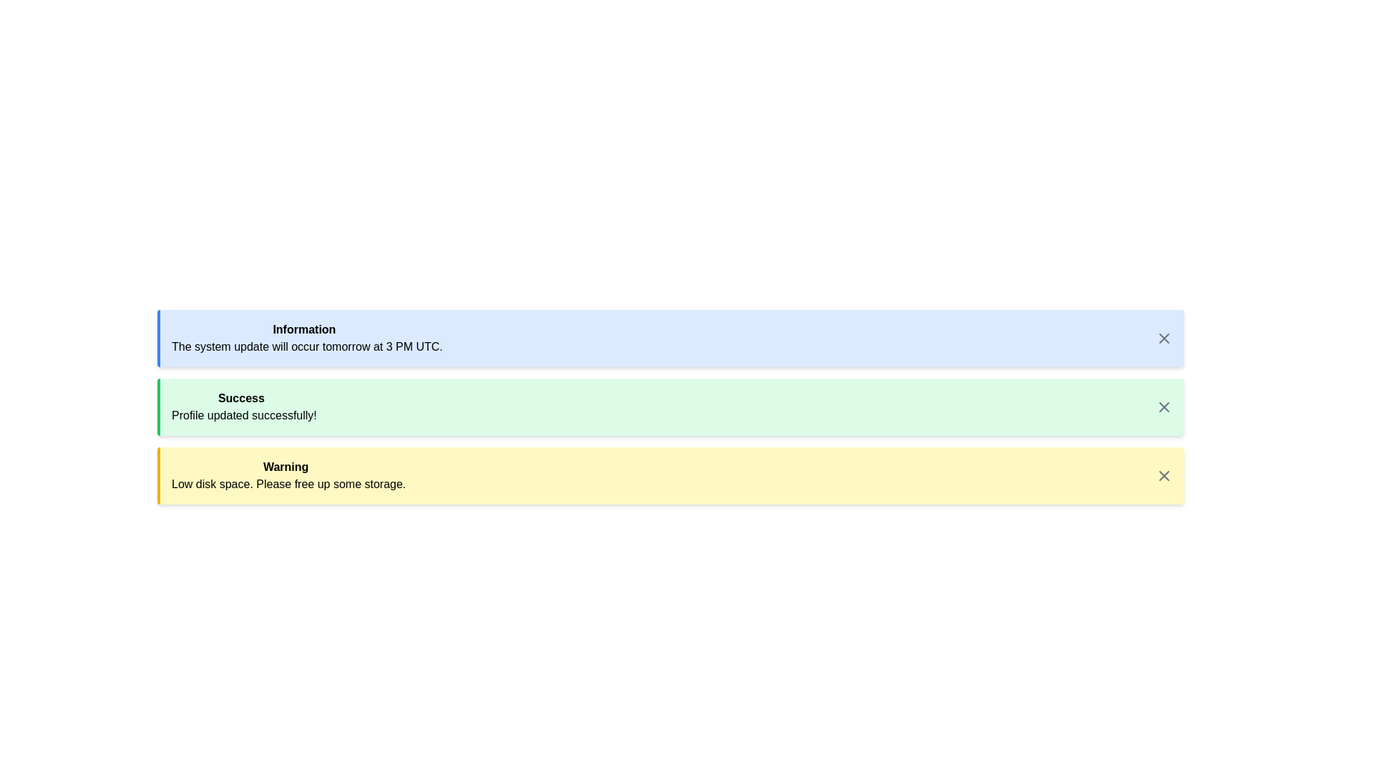  What do you see at coordinates (671, 475) in the screenshot?
I see `warning message from the Notification Banner, which has a yellow background and displays 'Warning: Low disk space. Please free up some storage.'` at bounding box center [671, 475].